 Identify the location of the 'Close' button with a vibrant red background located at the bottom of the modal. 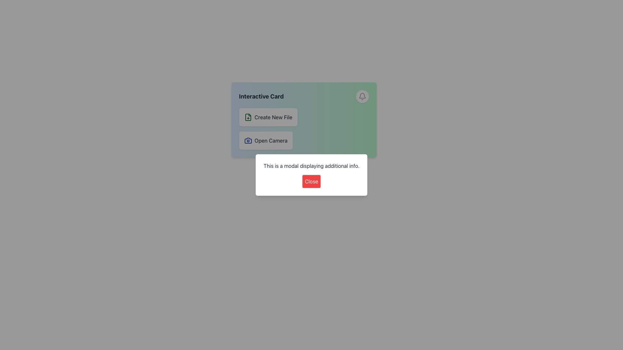
(311, 181).